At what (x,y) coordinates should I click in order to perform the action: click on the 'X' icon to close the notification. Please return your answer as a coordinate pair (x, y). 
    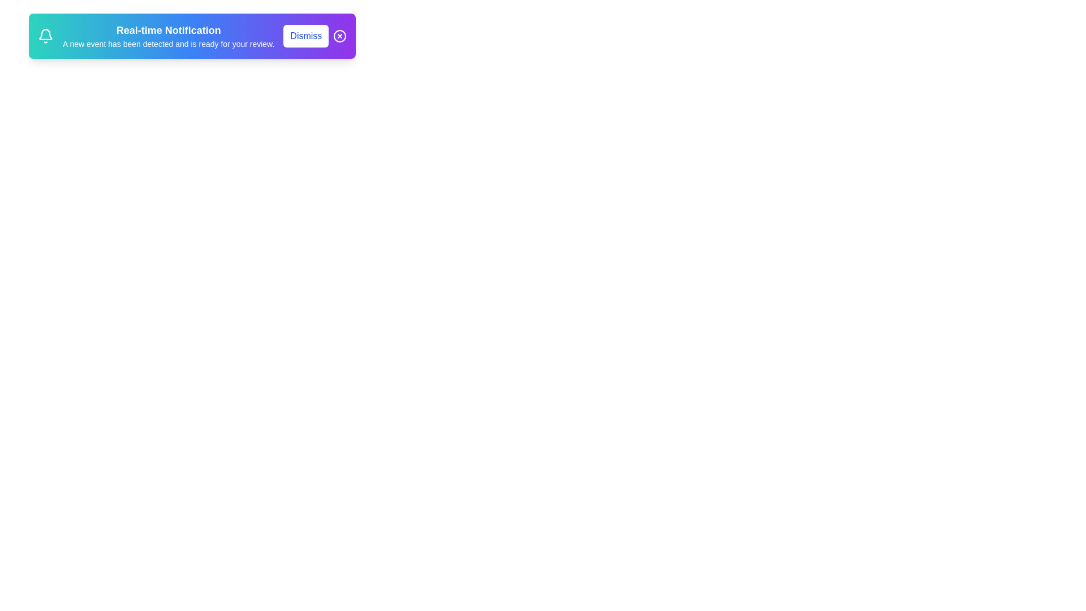
    Looking at the image, I should click on (339, 36).